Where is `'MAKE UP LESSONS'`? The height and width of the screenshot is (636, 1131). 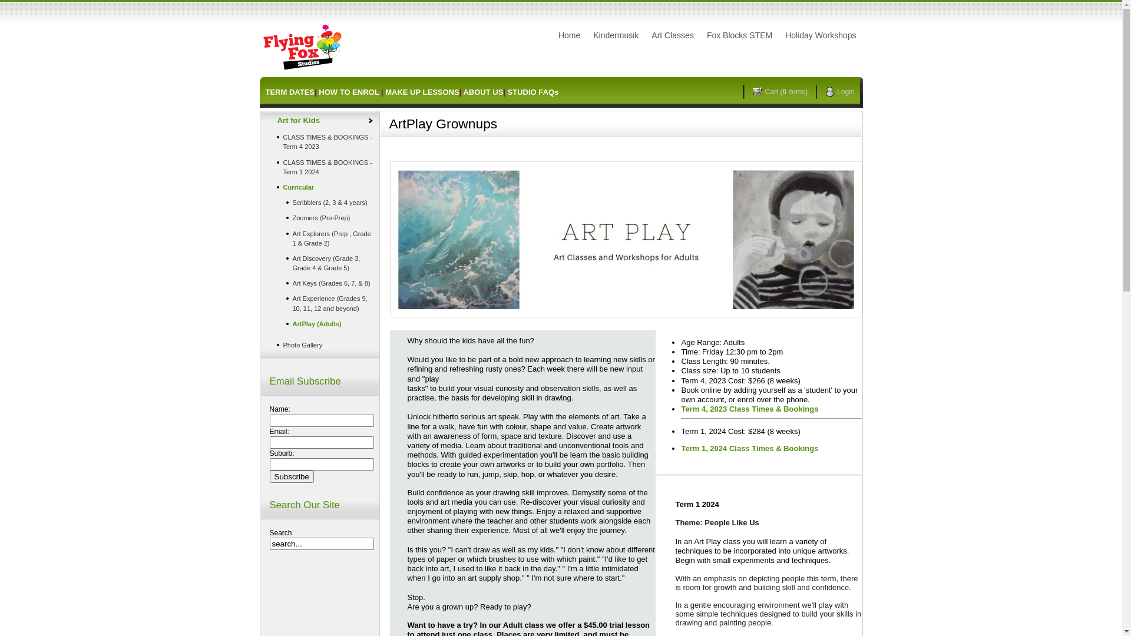 'MAKE UP LESSONS' is located at coordinates (422, 91).